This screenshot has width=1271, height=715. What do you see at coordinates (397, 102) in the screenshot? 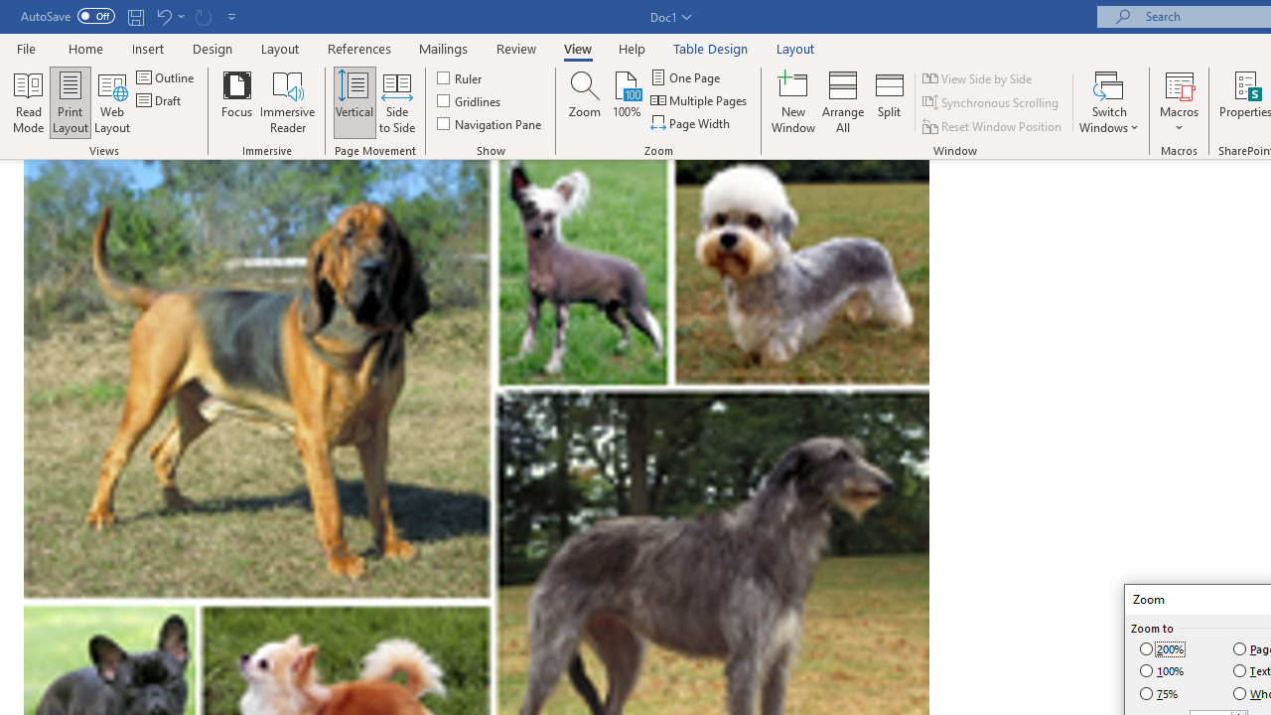
I see `'Side to Side'` at bounding box center [397, 102].